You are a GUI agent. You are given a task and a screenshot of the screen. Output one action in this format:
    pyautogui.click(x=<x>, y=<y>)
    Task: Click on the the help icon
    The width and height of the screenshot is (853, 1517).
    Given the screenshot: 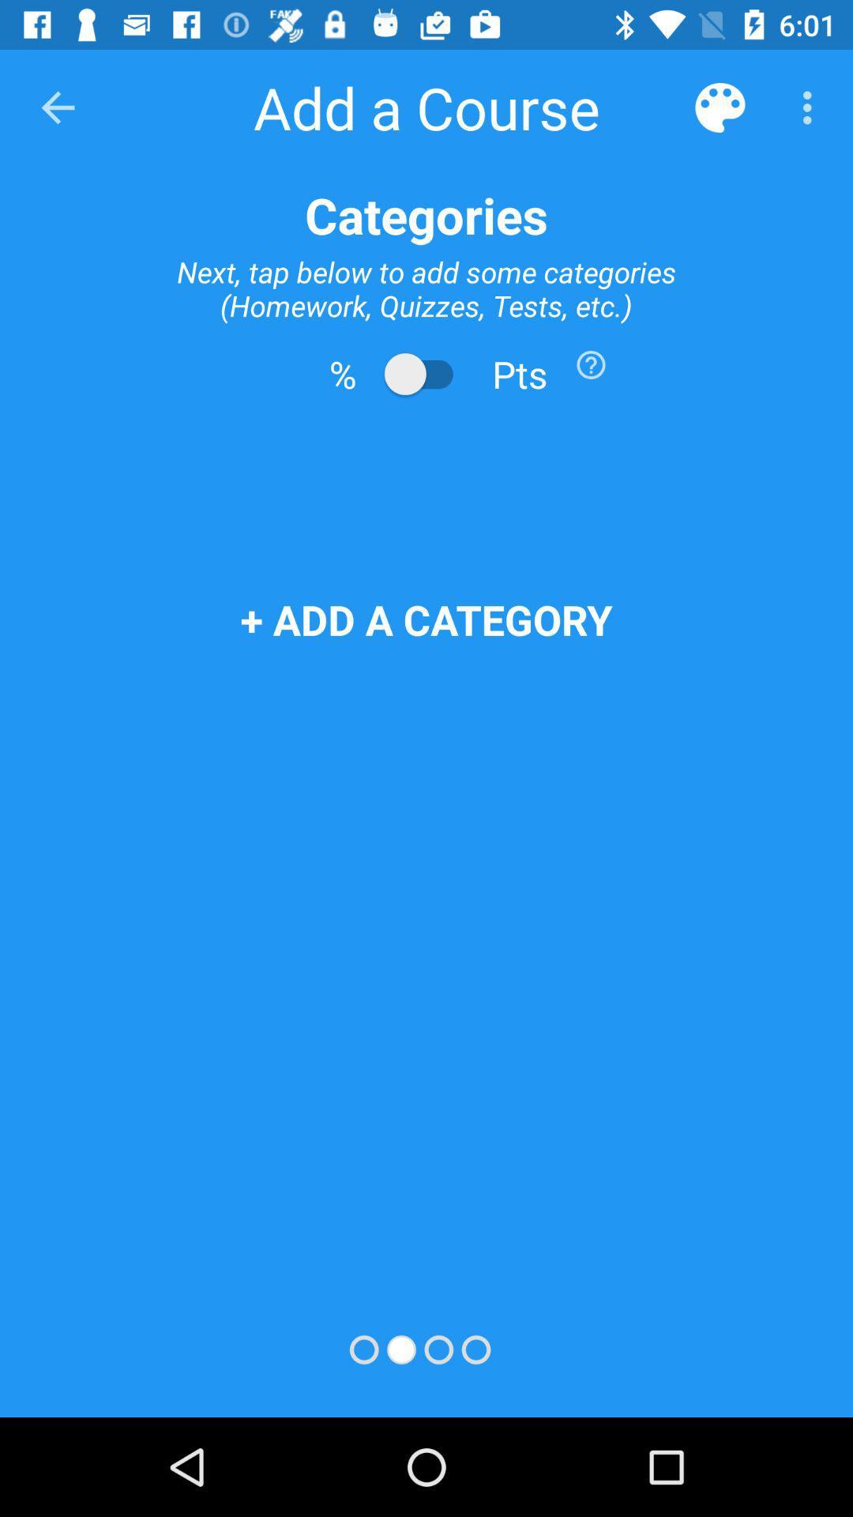 What is the action you would take?
    pyautogui.click(x=591, y=363)
    